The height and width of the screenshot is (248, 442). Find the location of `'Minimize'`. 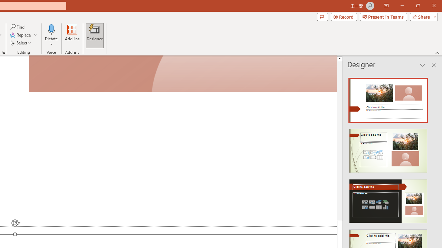

'Minimize' is located at coordinates (402, 6).